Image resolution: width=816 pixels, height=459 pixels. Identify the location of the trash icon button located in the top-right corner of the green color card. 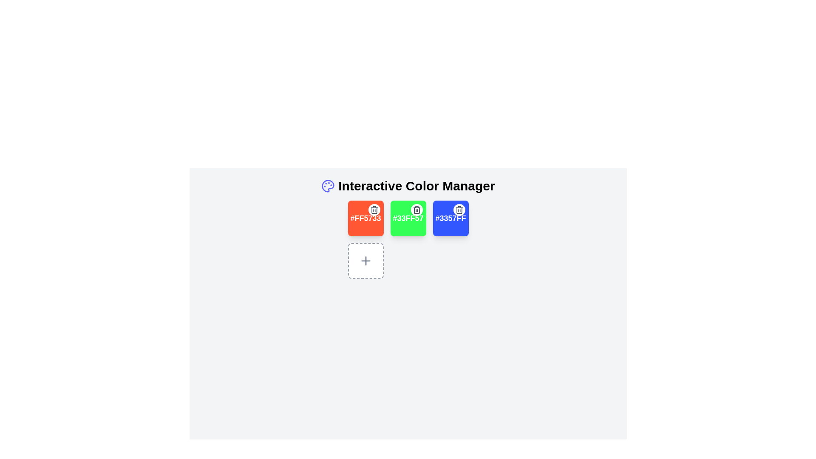
(374, 210).